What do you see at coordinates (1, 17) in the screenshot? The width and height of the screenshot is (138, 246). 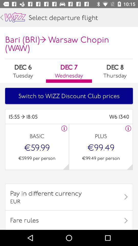 I see `go back` at bounding box center [1, 17].